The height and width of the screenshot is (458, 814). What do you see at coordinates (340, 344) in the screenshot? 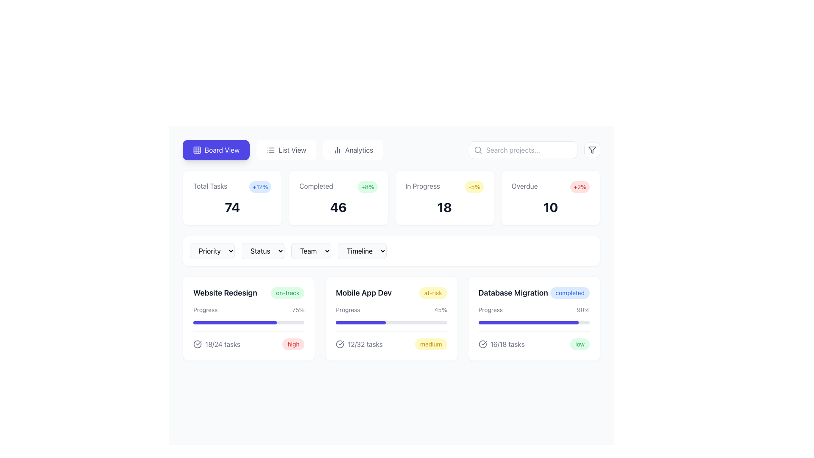
I see `the circle icon with a checkmark inside it, located to the left of the '12/32 tasks' text in the 'Mobile App Dev' section` at bounding box center [340, 344].